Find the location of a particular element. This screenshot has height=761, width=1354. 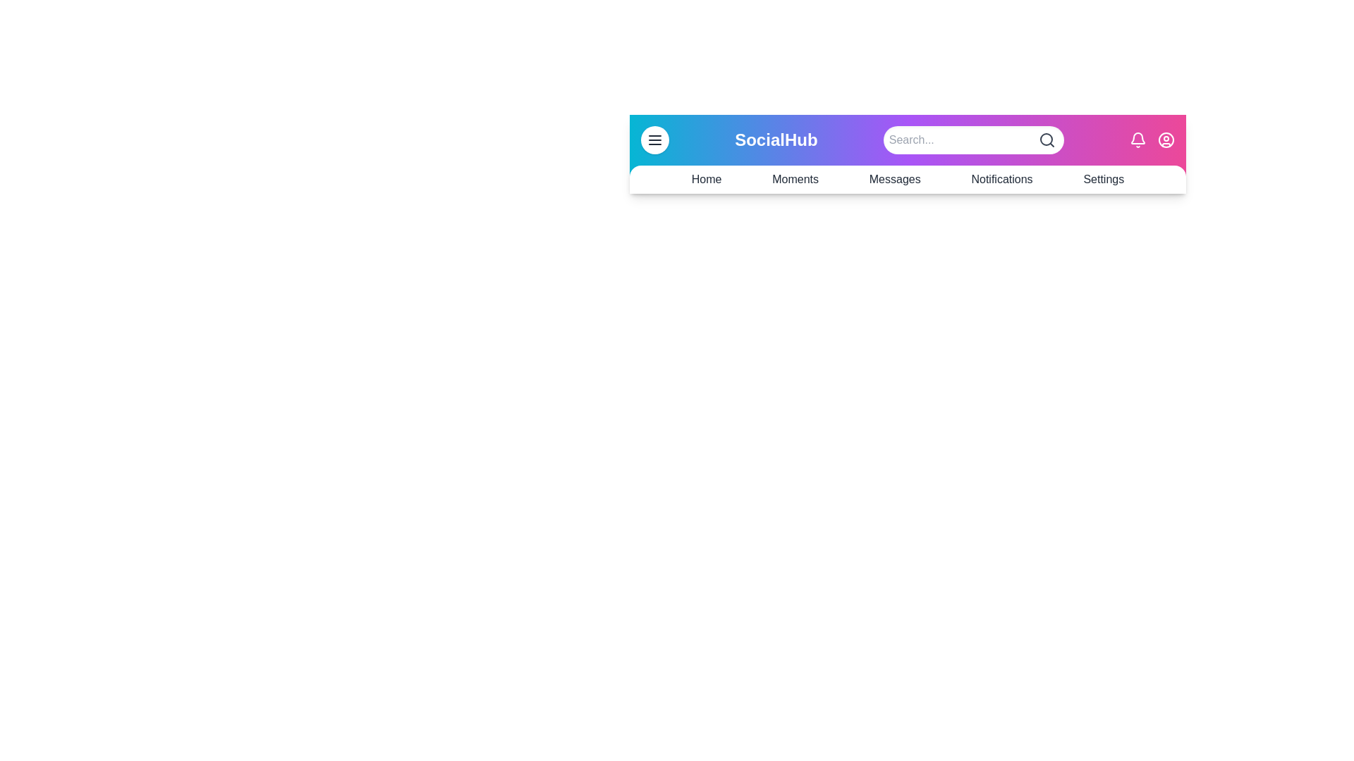

the notification bell icon is located at coordinates (1138, 140).